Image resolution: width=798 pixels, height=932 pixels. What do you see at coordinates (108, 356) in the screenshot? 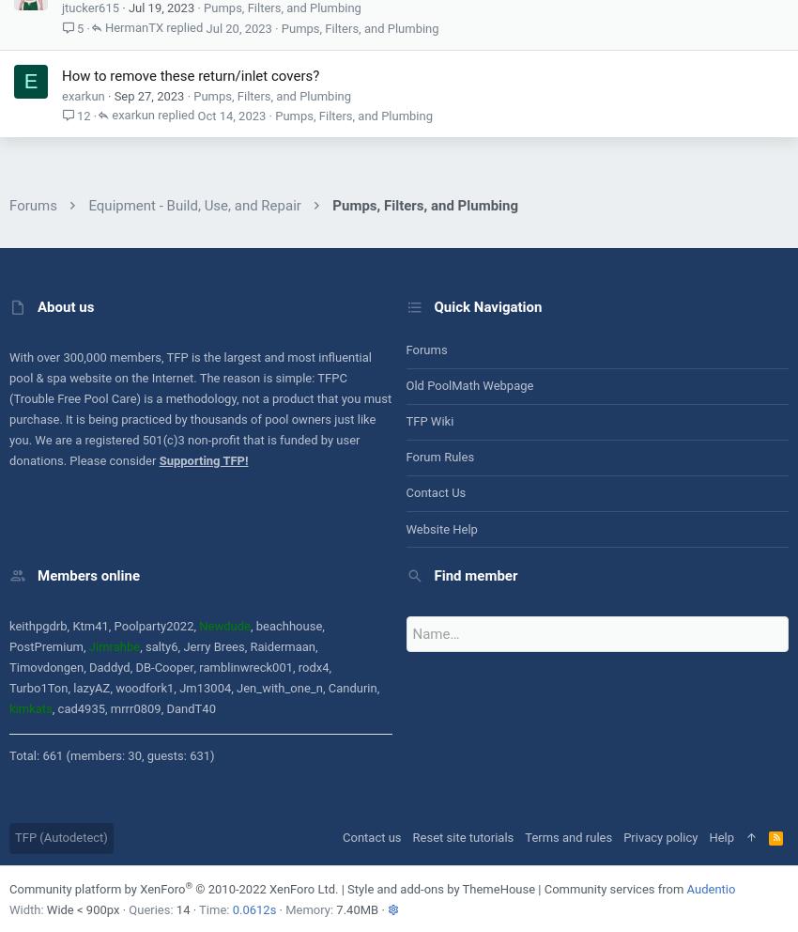
I see `'members'` at bounding box center [108, 356].